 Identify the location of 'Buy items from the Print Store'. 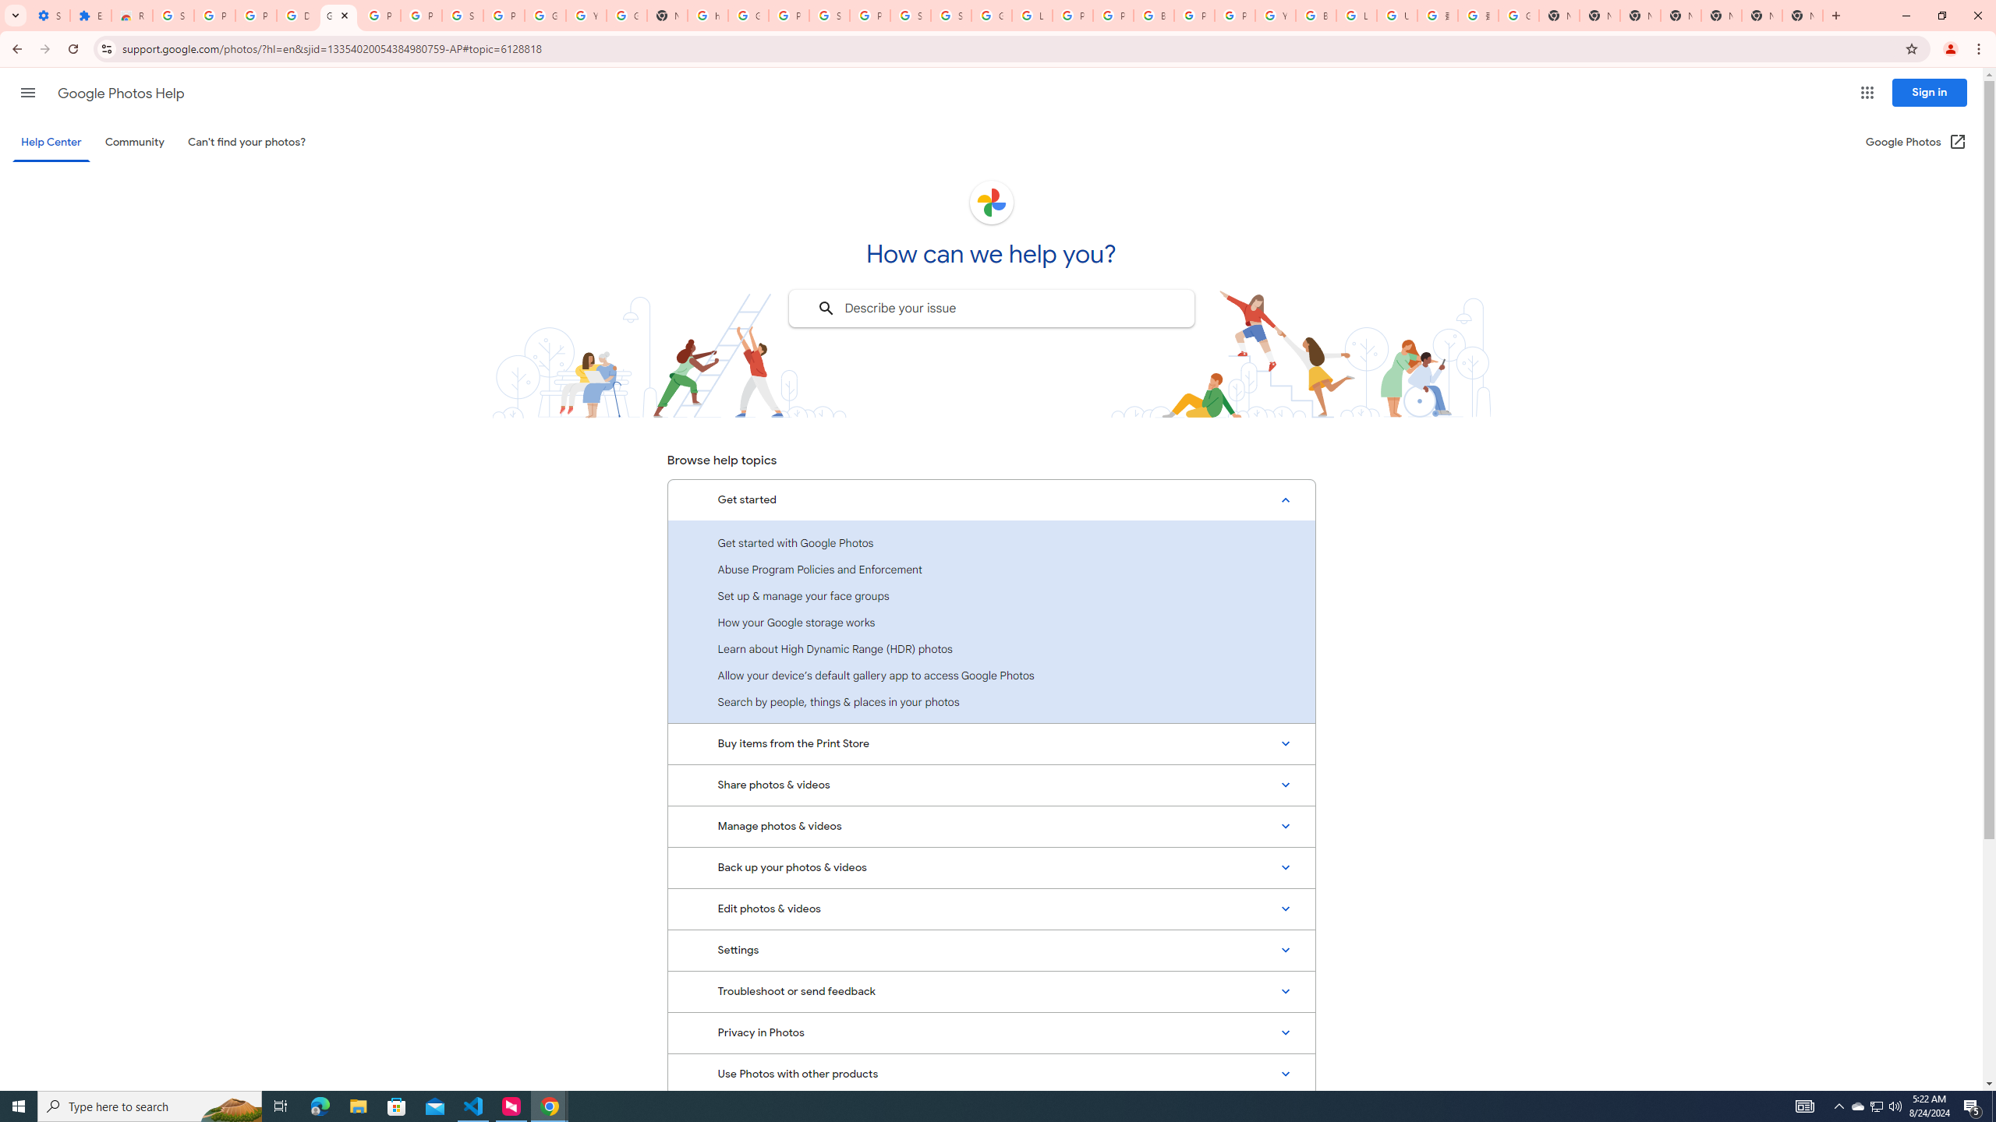
(991, 743).